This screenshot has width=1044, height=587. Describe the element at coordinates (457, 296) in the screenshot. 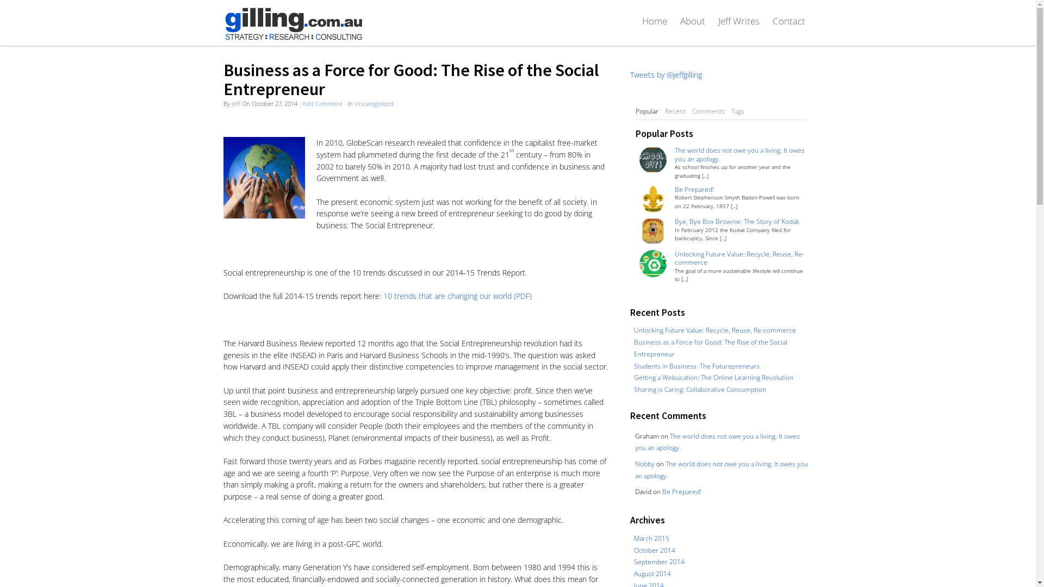

I see `'10 trends that are changing our world (PDF)'` at that location.